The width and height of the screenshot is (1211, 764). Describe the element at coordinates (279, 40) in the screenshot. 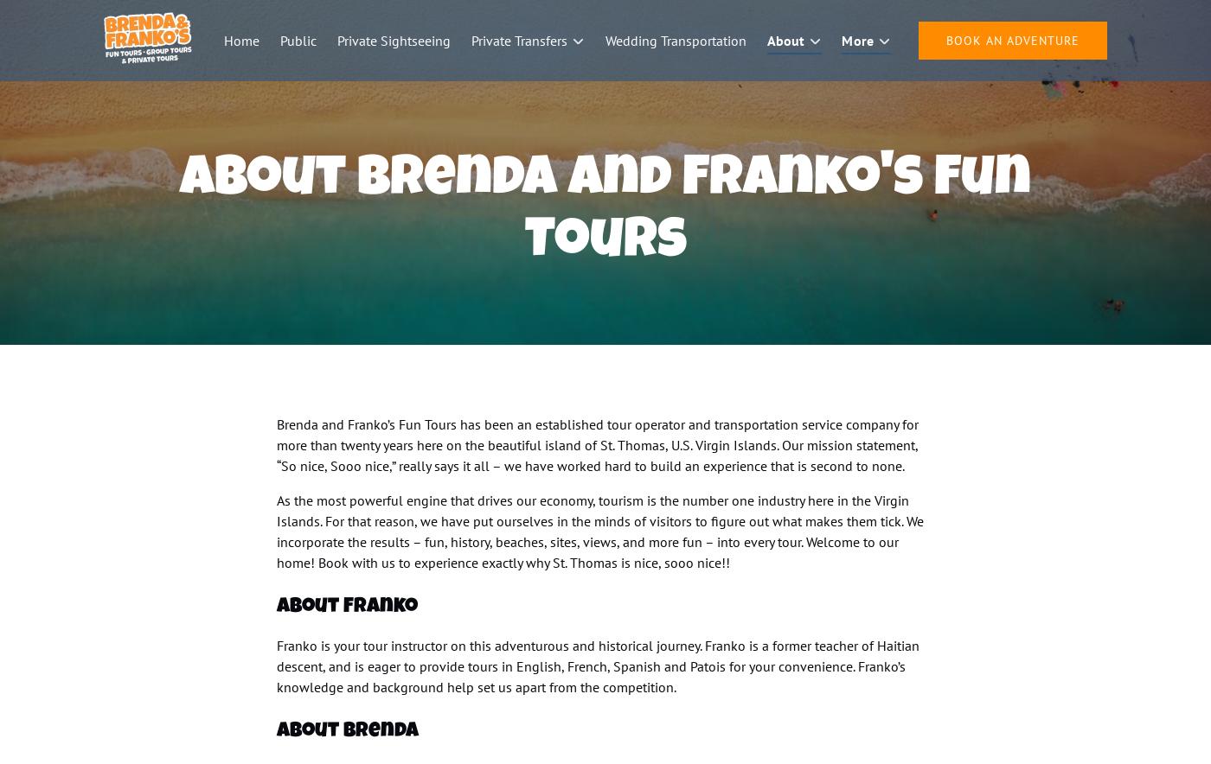

I see `'Public'` at that location.